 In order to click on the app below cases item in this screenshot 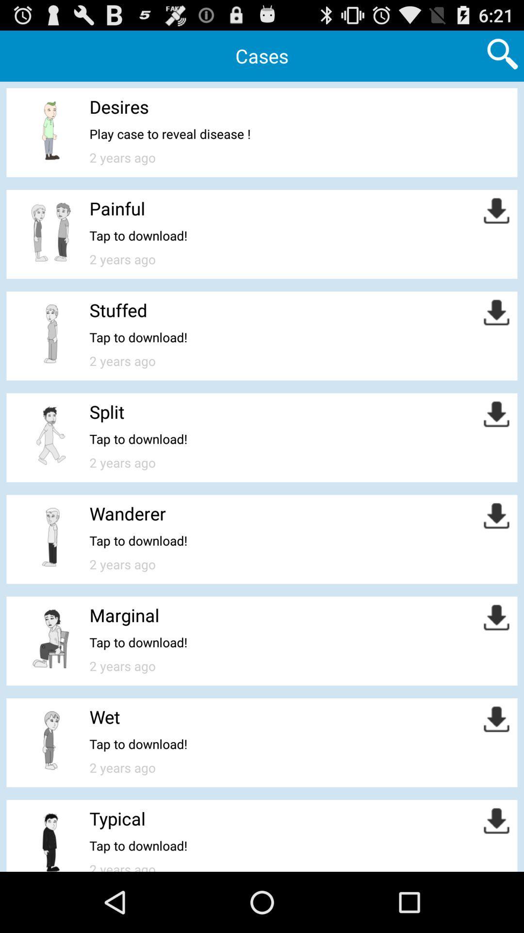, I will do `click(118, 106)`.